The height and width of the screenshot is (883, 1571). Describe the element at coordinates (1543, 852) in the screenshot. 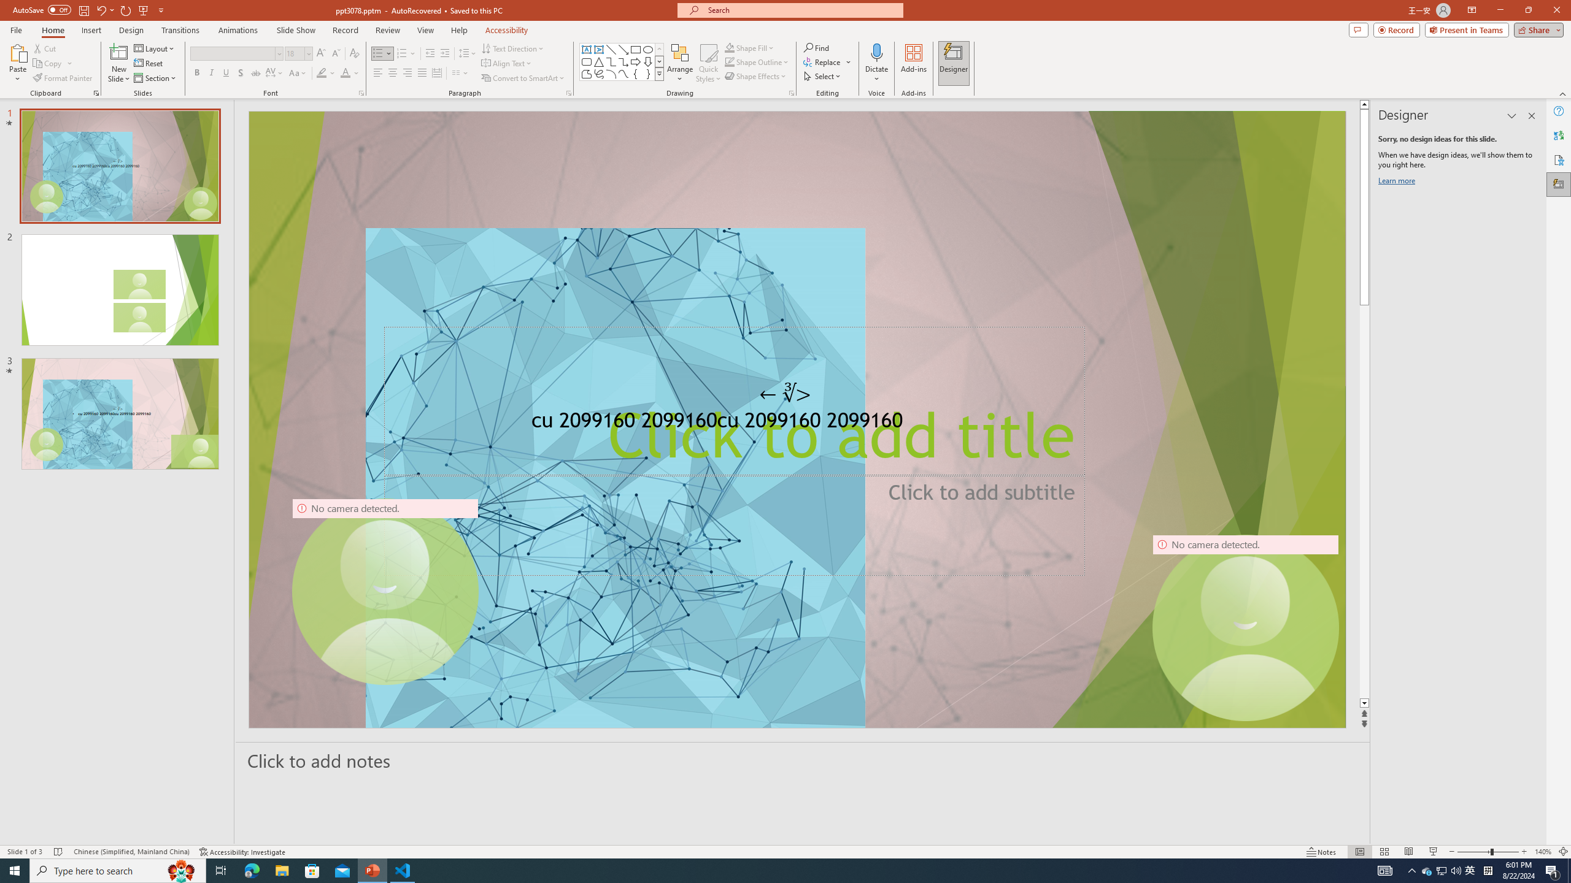

I see `'Zoom 140%'` at that location.